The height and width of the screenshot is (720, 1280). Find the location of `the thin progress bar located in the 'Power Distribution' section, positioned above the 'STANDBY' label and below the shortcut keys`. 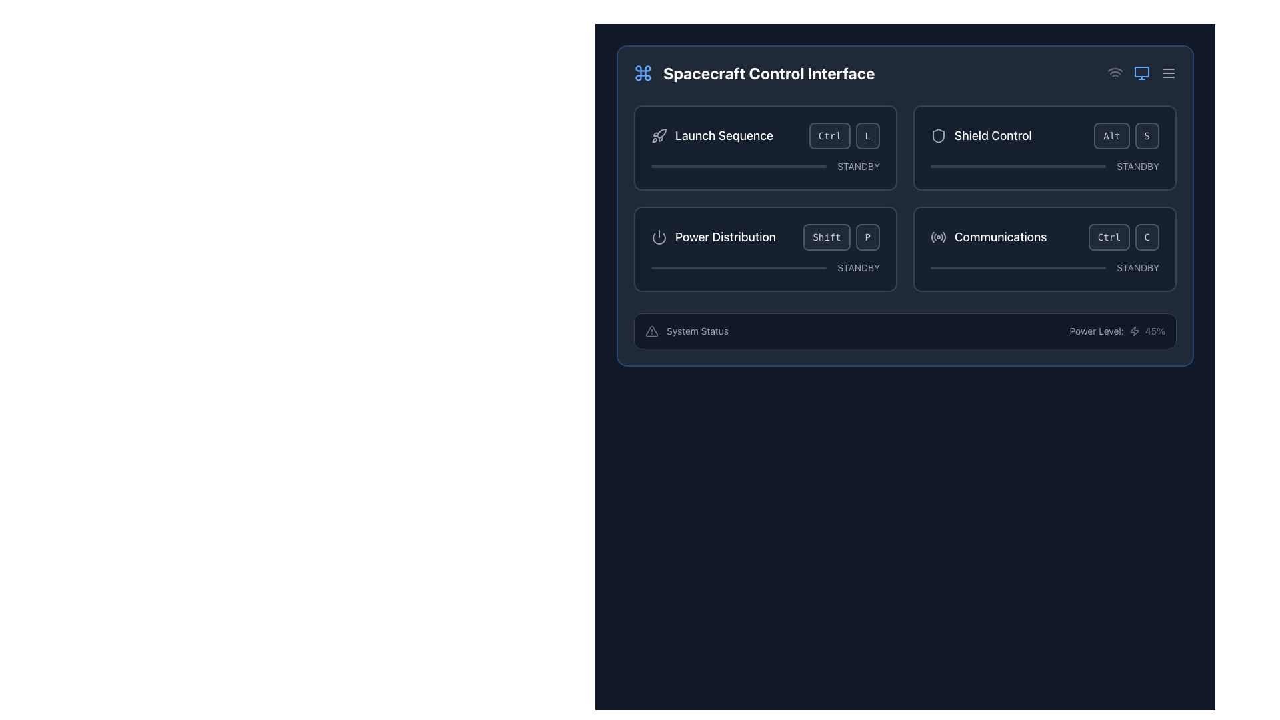

the thin progress bar located in the 'Power Distribution' section, positioned above the 'STANDBY' label and below the shortcut keys is located at coordinates (738, 267).